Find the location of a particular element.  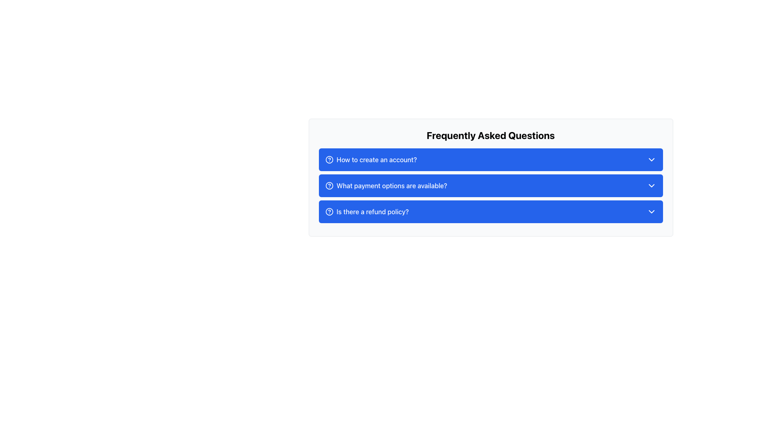

the Interactive FAQ label, which is the third item in the FAQ list is located at coordinates (367, 211).